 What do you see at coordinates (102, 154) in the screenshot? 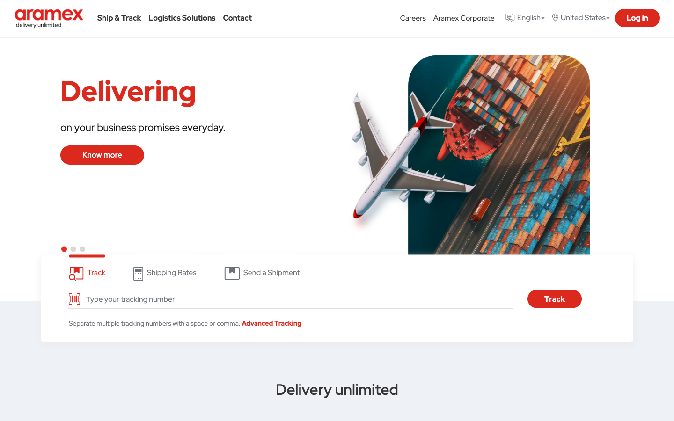
I see `the "know more" button` at bounding box center [102, 154].